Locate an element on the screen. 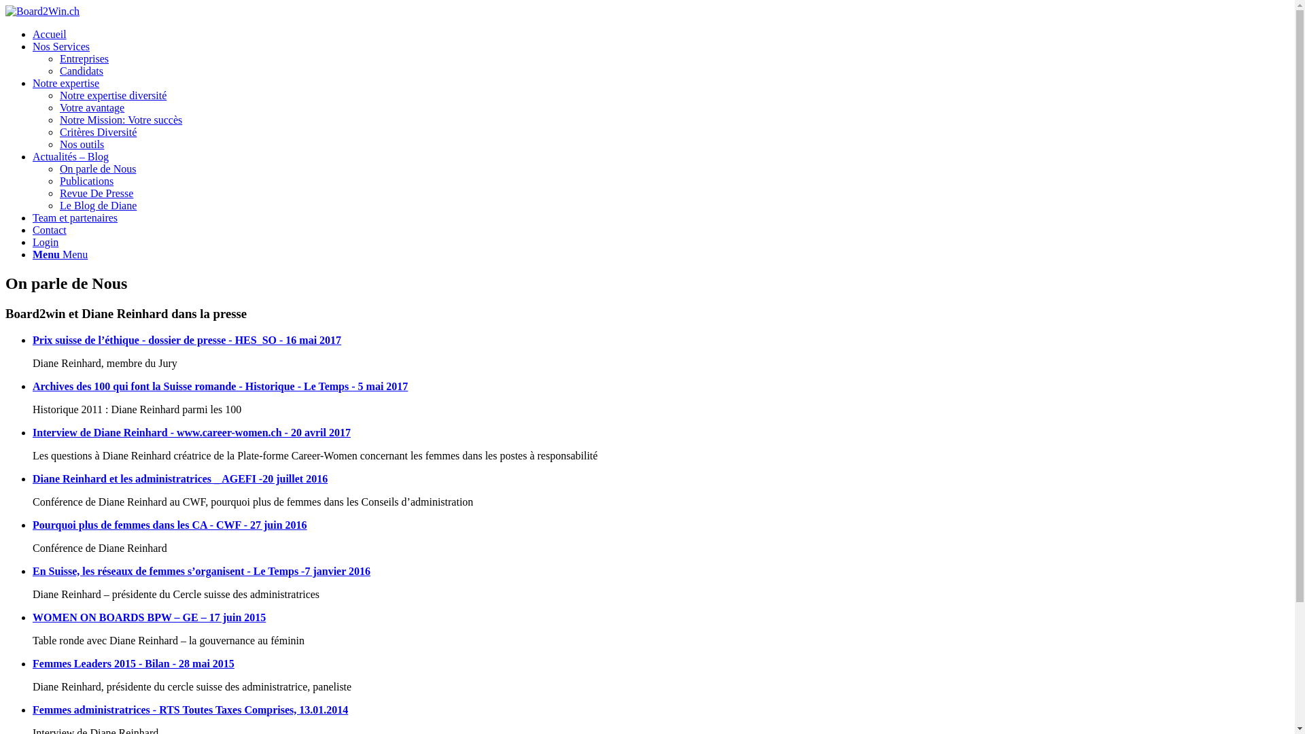 The image size is (1305, 734). 'Entreprises' is located at coordinates (84, 58).